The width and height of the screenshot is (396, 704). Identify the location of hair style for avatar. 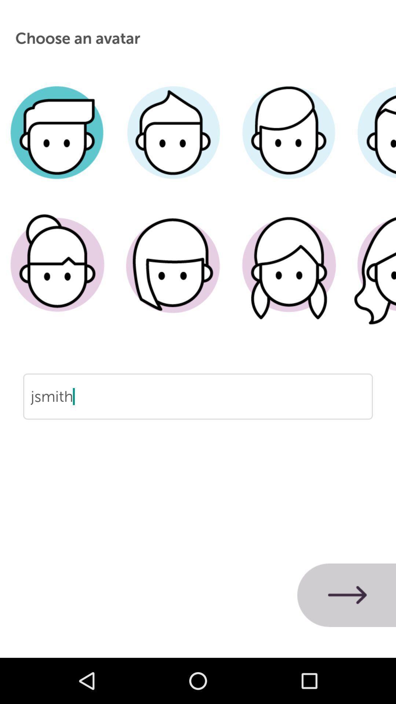
(288, 143).